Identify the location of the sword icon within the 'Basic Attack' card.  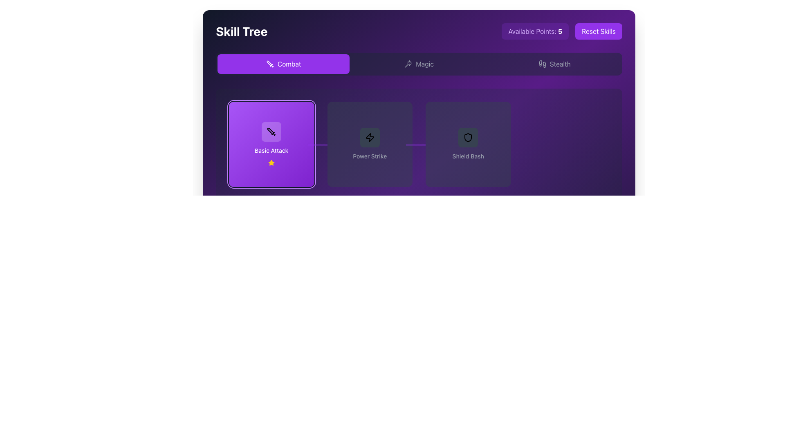
(271, 131).